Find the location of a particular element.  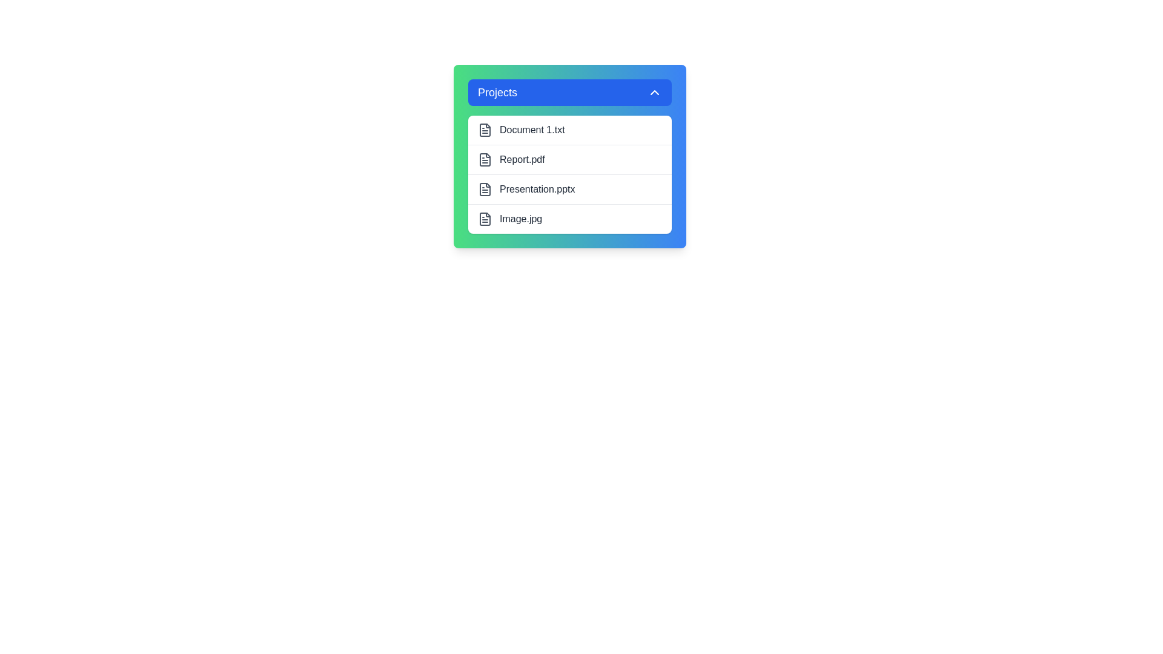

the file Image.jpg from the list is located at coordinates (569, 219).